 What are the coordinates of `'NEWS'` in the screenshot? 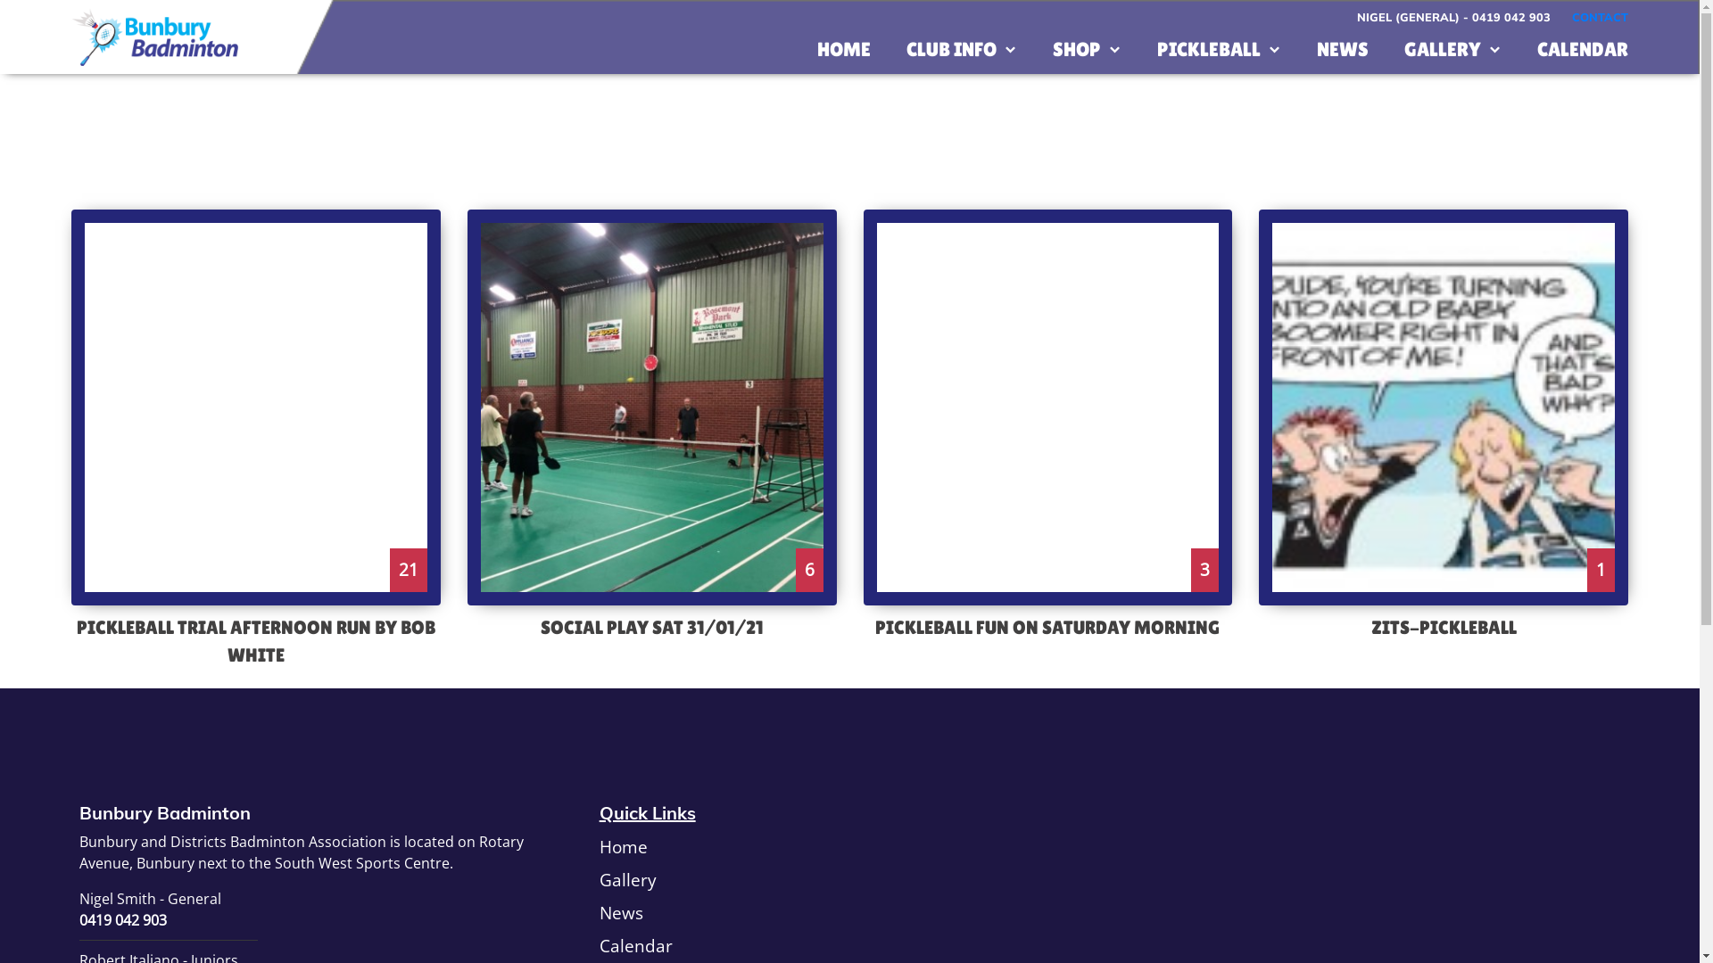 It's located at (1343, 47).